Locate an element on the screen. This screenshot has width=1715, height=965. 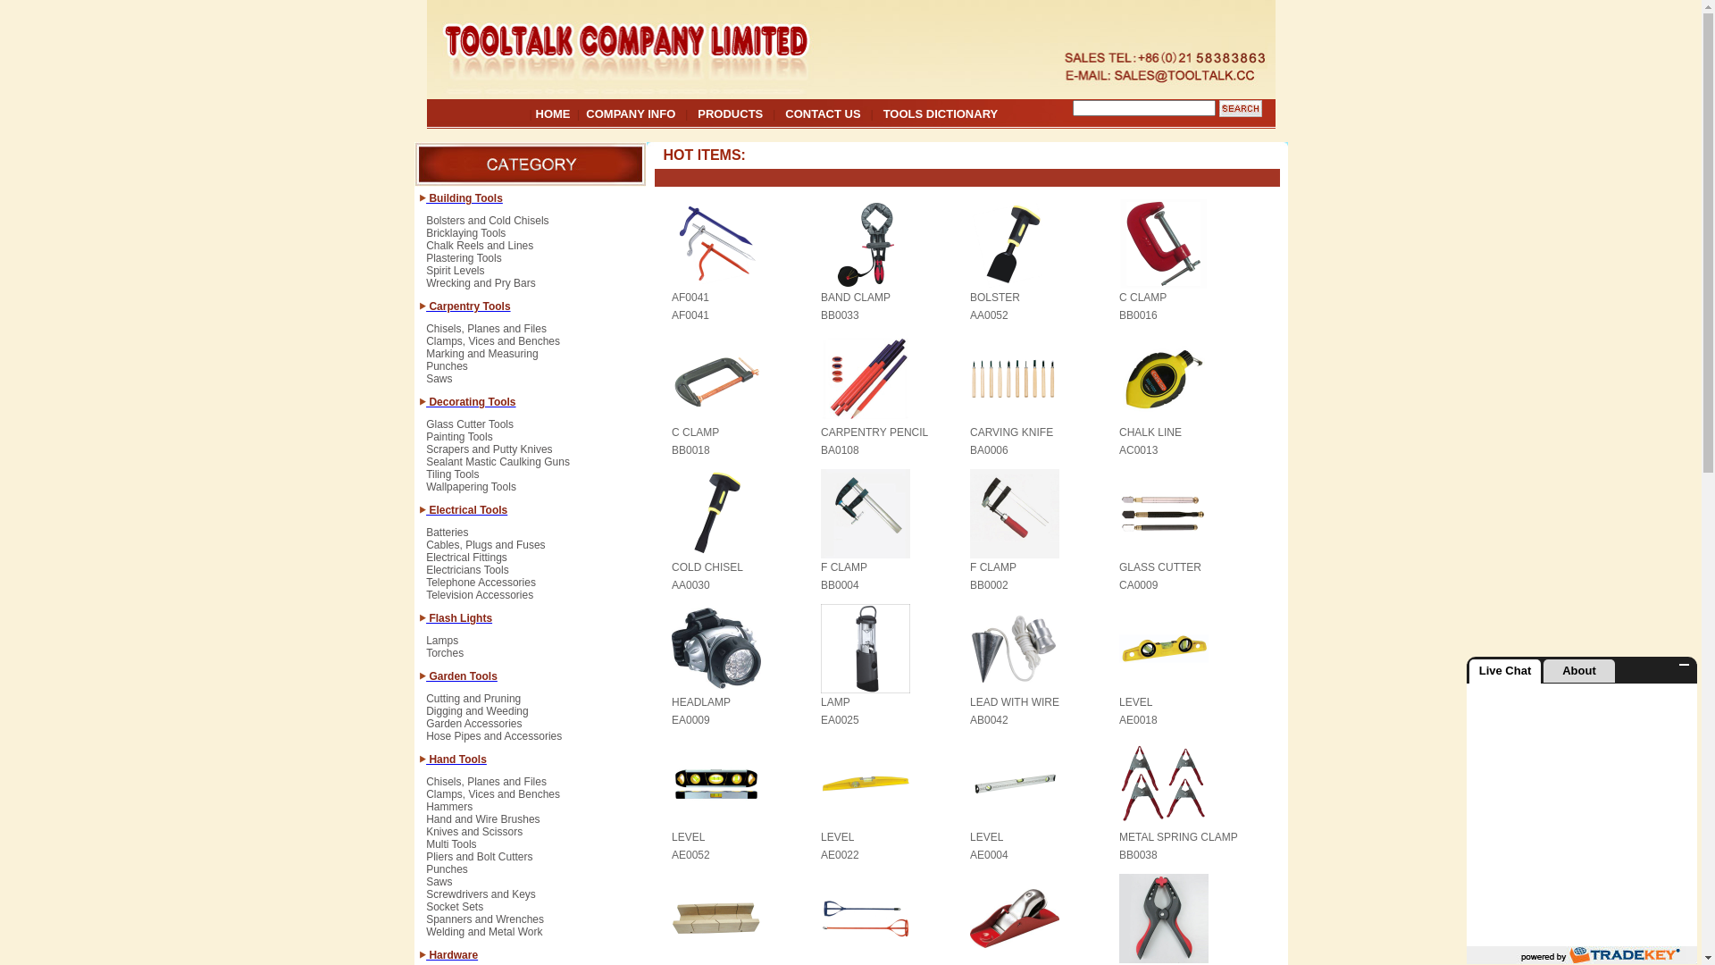
'Multi Tools' is located at coordinates (450, 850).